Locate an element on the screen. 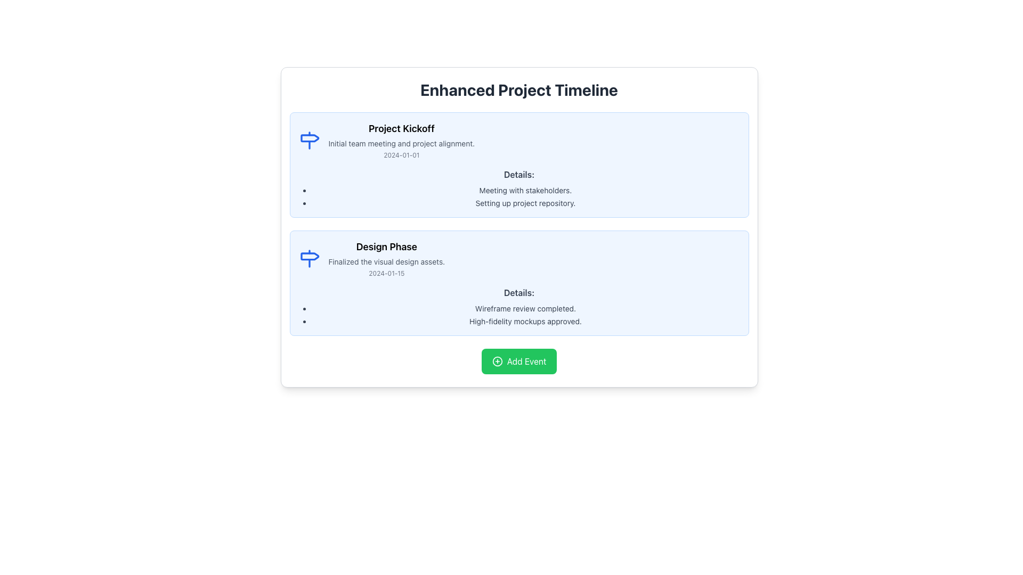 This screenshot has width=1023, height=575. the Text Label indicating the 'Design Phase' section, which is positioned directly below the section title with no sibling elements preceding it is located at coordinates (519, 293).